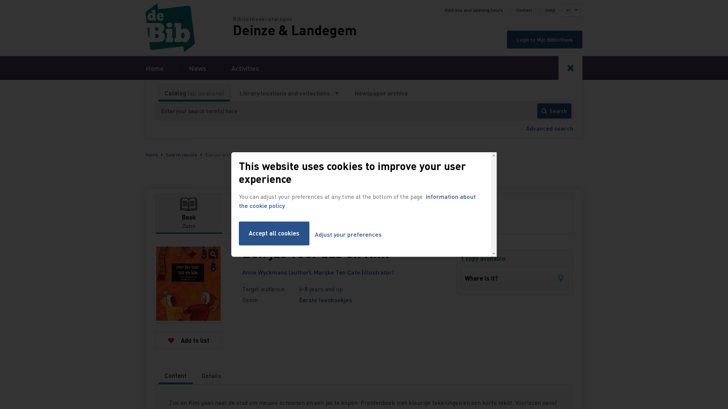  I want to click on 'Advanced search', so click(549, 128).